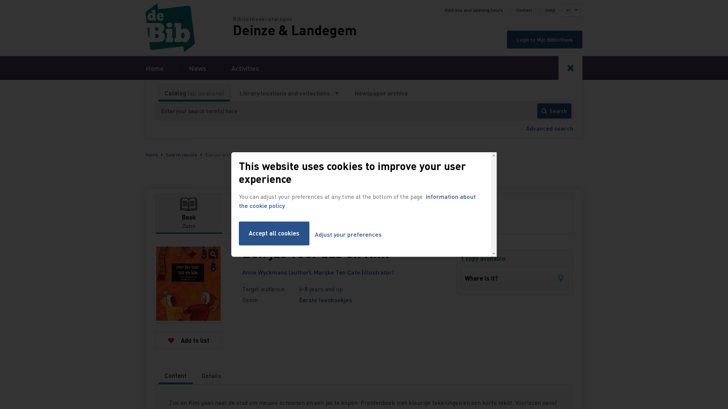  I want to click on 'Advanced search', so click(549, 128).